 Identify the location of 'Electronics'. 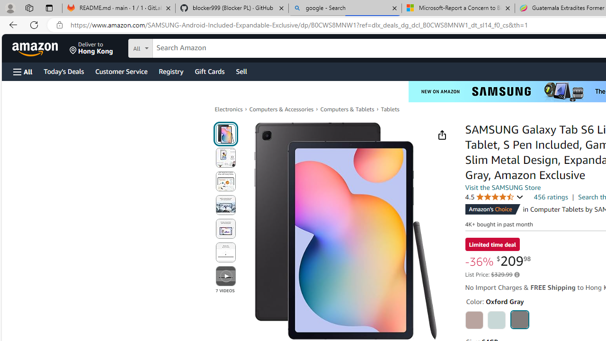
(229, 109).